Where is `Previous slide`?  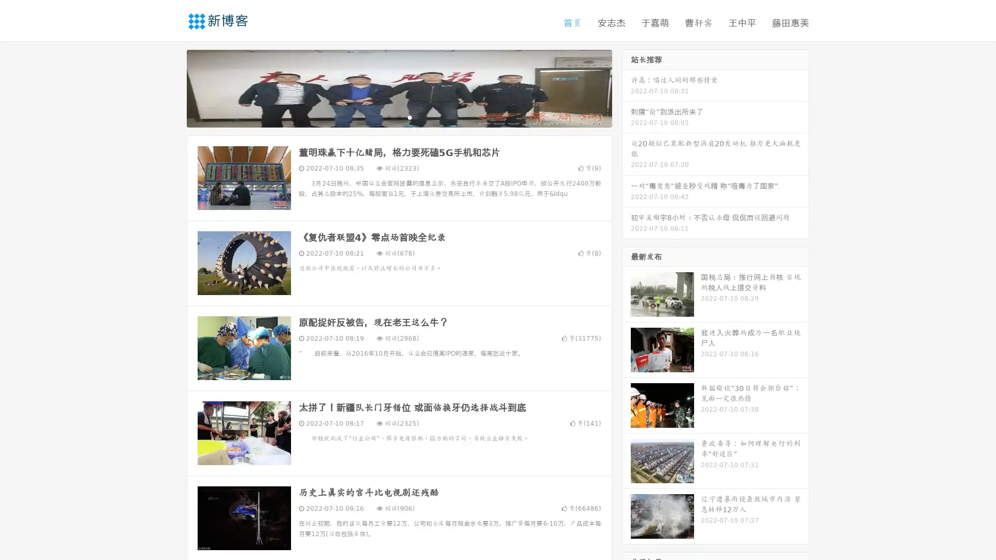 Previous slide is located at coordinates (171, 87).